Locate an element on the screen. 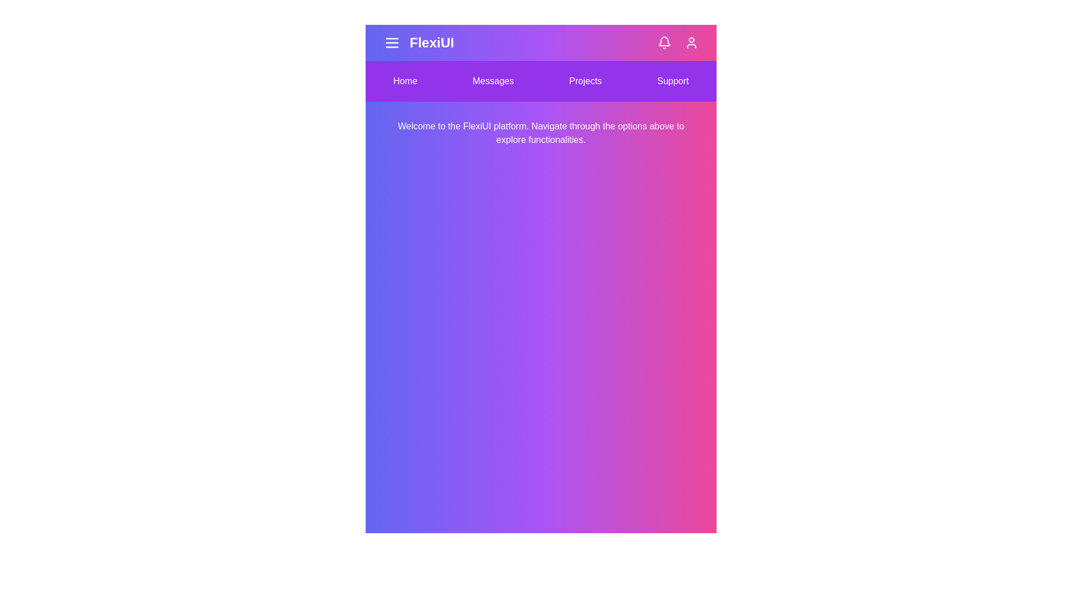 Image resolution: width=1085 pixels, height=610 pixels. the navigation item Projects to navigate is located at coordinates (585, 80).